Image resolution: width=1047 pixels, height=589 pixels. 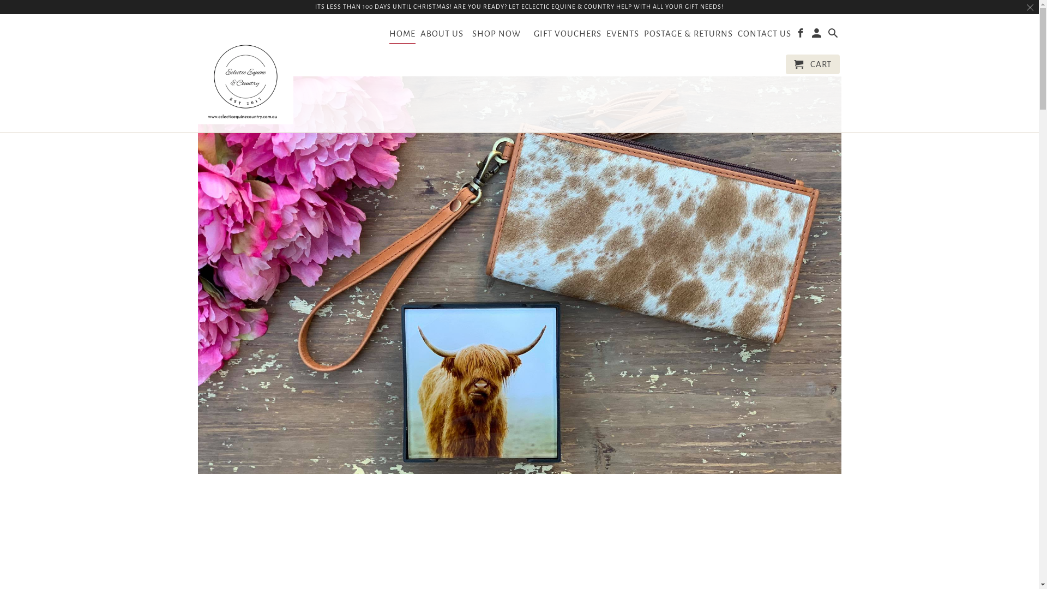 I want to click on '3', so click(x=547, y=539).